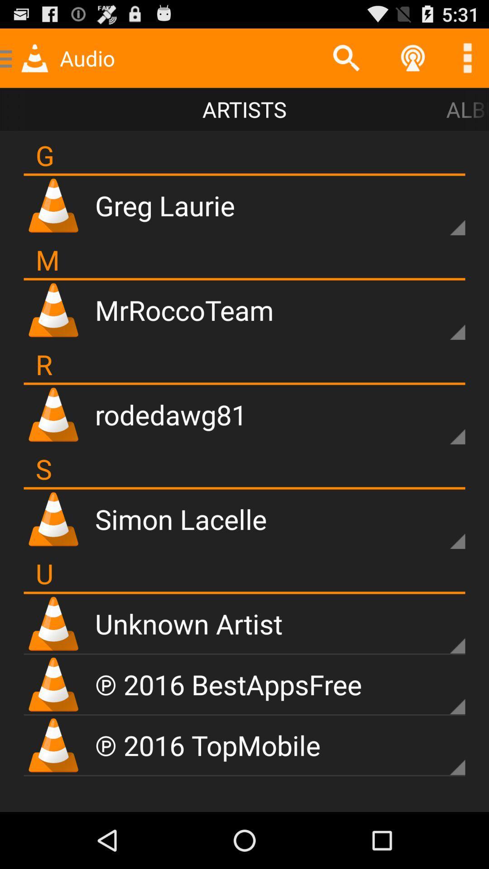  Describe the element at coordinates (244, 174) in the screenshot. I see `icon below the g icon` at that location.